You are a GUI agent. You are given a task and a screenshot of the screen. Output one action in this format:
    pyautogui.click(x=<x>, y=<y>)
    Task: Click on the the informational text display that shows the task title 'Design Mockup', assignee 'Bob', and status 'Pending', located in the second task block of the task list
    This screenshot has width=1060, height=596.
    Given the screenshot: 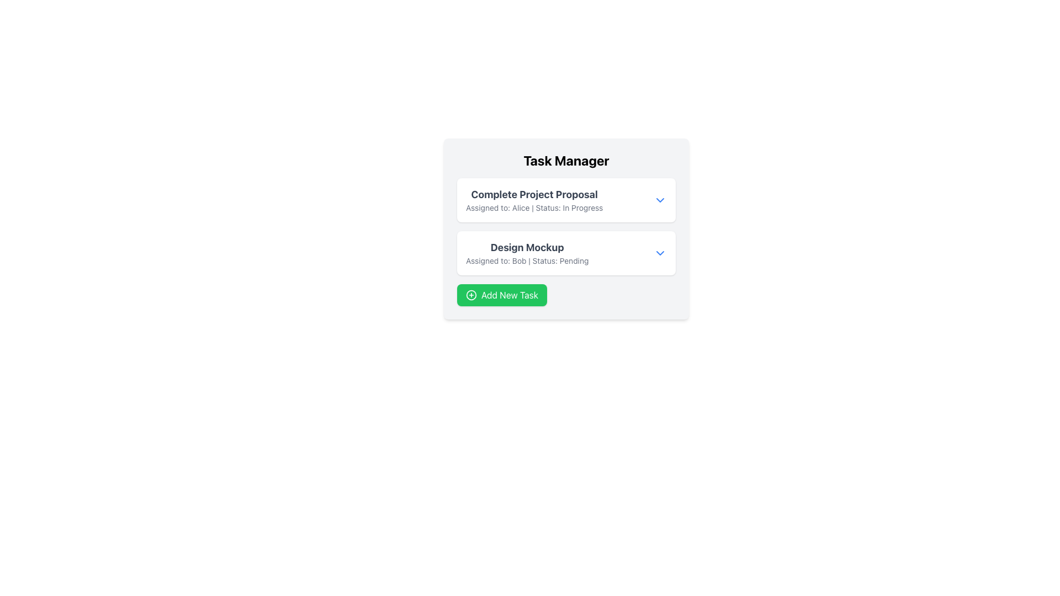 What is the action you would take?
    pyautogui.click(x=527, y=253)
    